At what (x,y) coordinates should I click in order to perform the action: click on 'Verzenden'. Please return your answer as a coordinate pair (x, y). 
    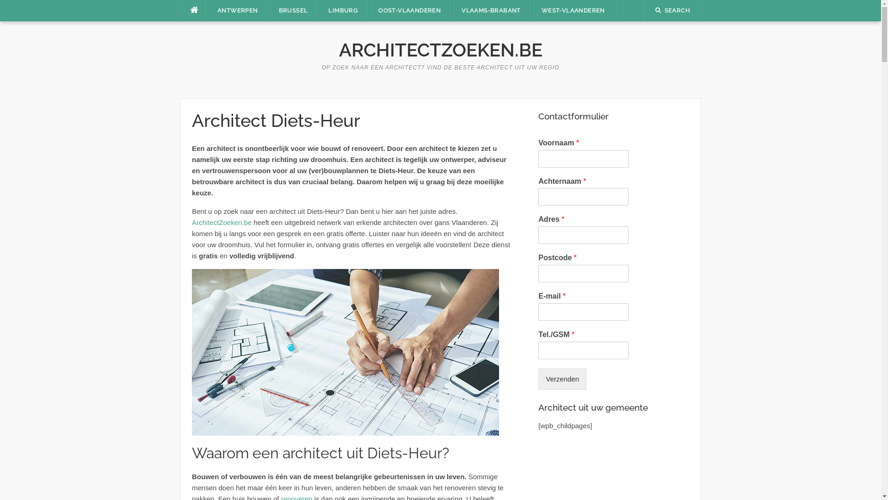
    Looking at the image, I should click on (561, 379).